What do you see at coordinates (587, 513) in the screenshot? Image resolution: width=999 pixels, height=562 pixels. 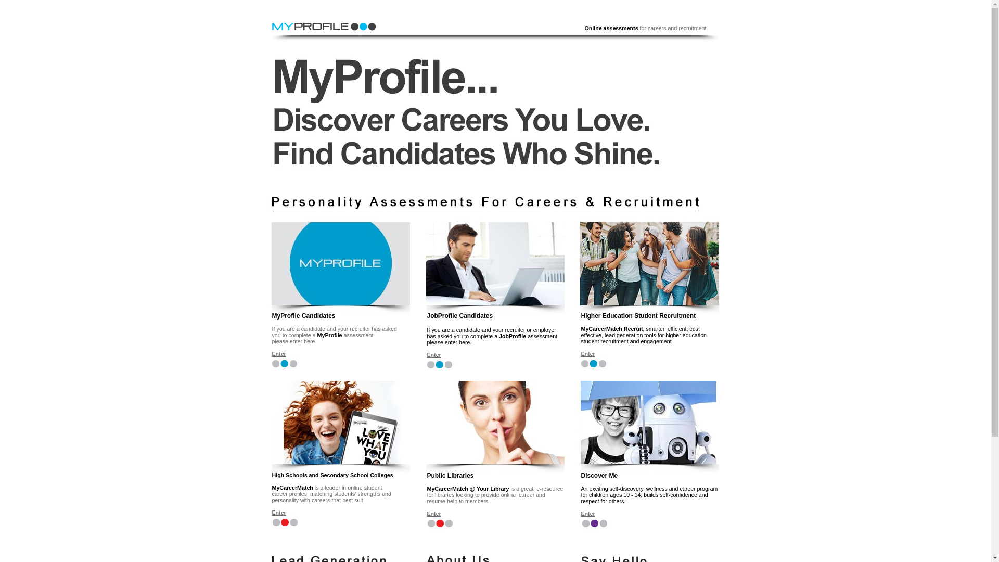 I see `'Enter'` at bounding box center [587, 513].